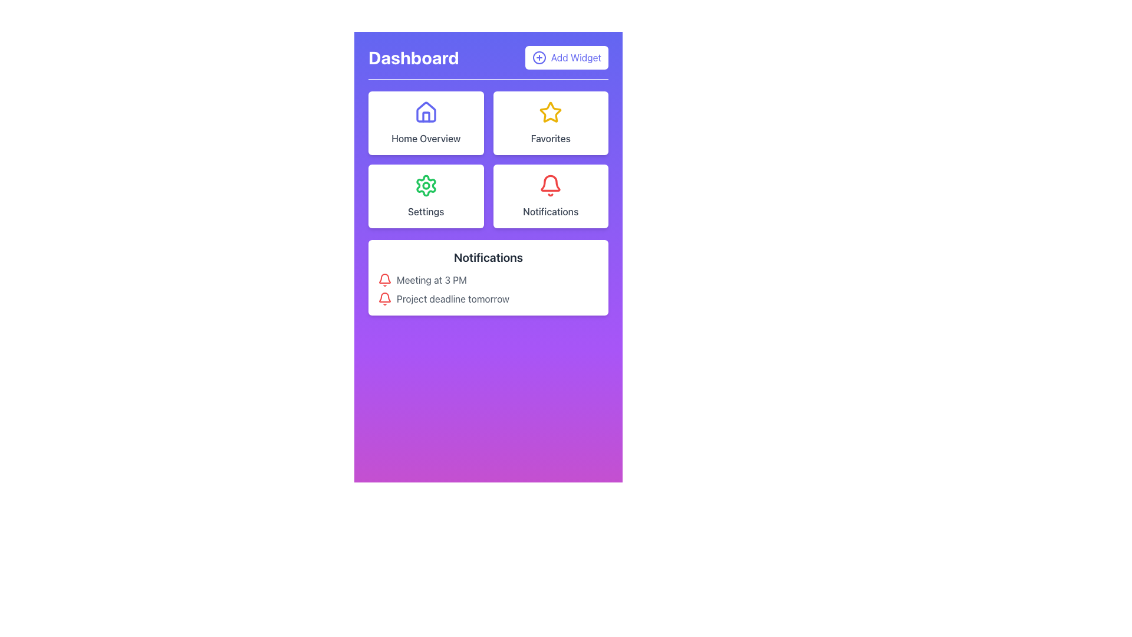 The width and height of the screenshot is (1132, 637). Describe the element at coordinates (550, 138) in the screenshot. I see `the non-interactive 'Favorites' text label located in the center-bottom of its tile in the 2x2 grid, beneath the gold star icon` at that location.